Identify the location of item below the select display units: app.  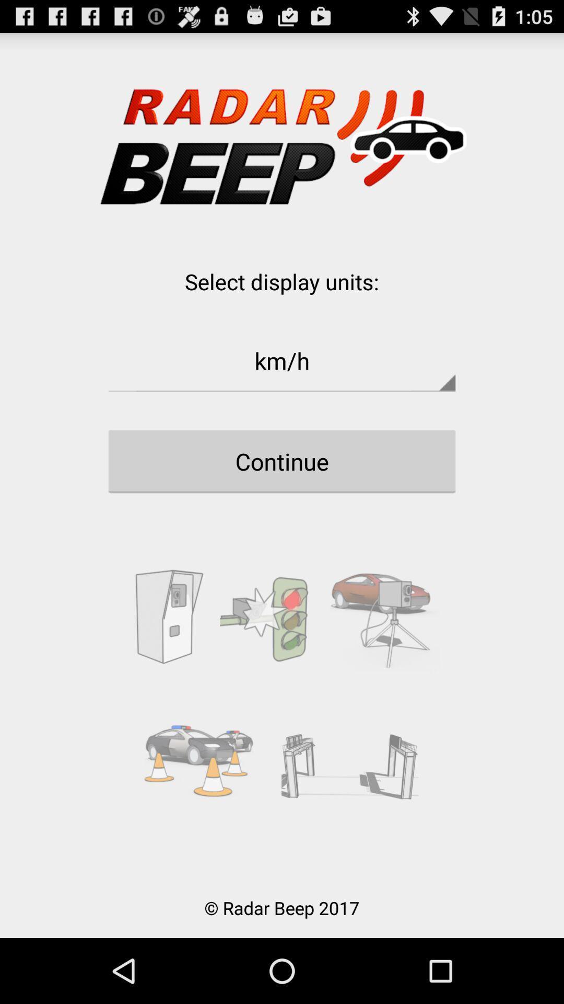
(282, 360).